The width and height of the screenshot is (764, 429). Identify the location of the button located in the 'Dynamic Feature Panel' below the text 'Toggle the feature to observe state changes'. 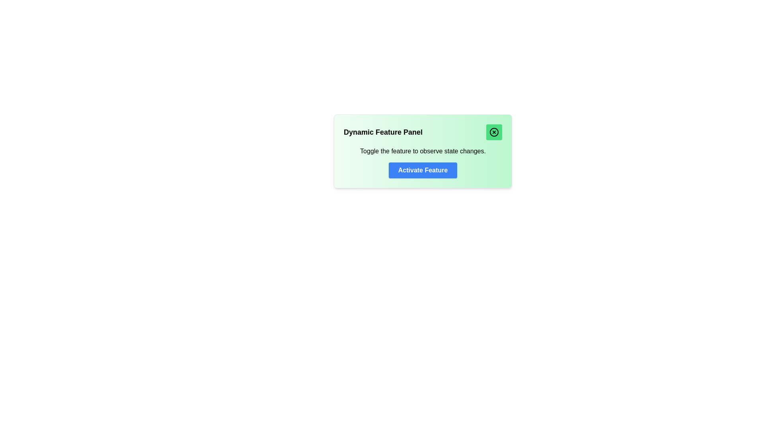
(422, 170).